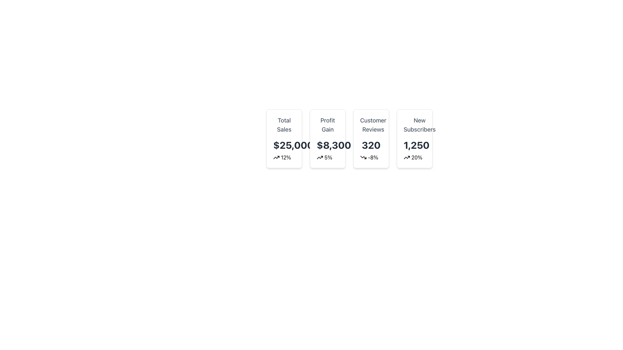 The height and width of the screenshot is (350, 623). I want to click on the numerical value representing the count of new subscribers located within the 'New Subscribers' card, positioned below the label 'New Subscribers' and above the percentage text '20%.', so click(414, 145).